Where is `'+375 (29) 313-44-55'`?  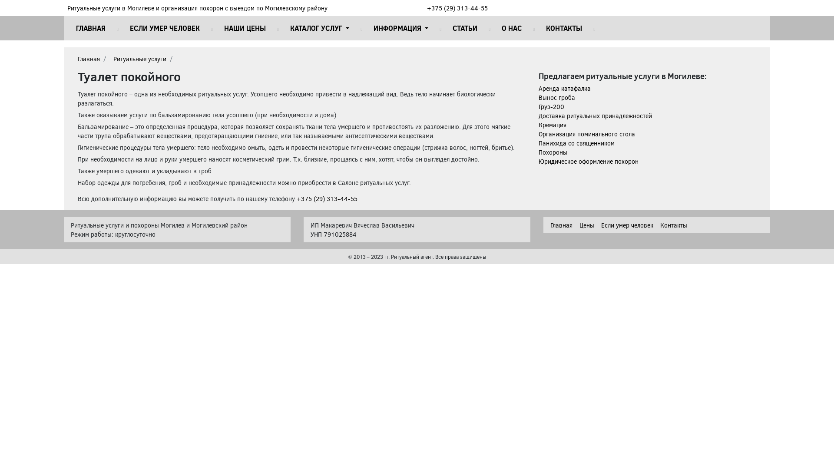
'+375 (29) 313-44-55' is located at coordinates (457, 8).